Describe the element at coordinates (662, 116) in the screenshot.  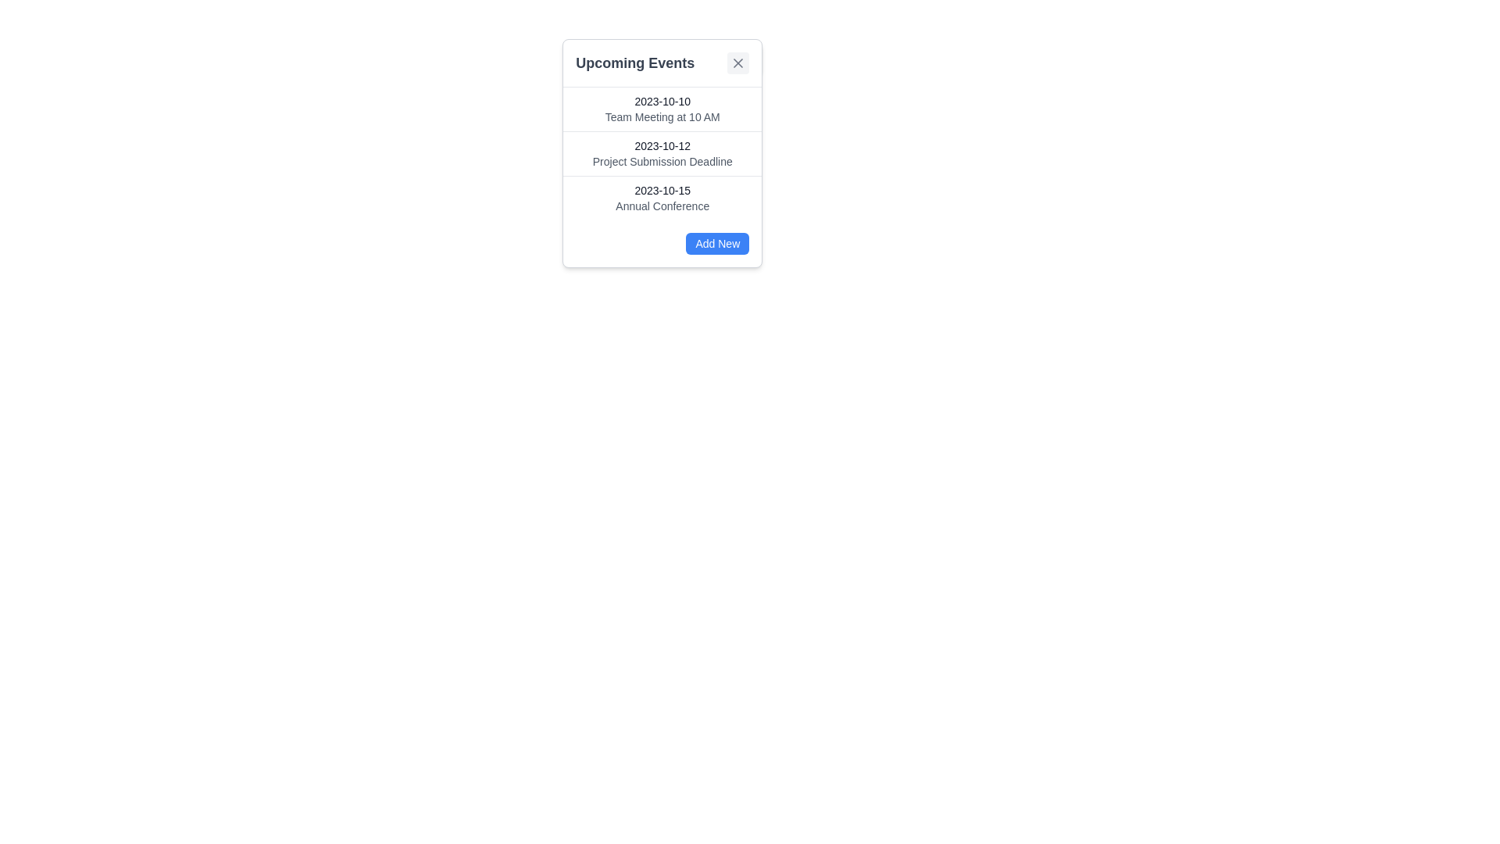
I see `text snippet displaying 'Team Meeting at 10 AM' in medium gray color, positioned below the date in the modal titled 'Upcoming Events'` at that location.